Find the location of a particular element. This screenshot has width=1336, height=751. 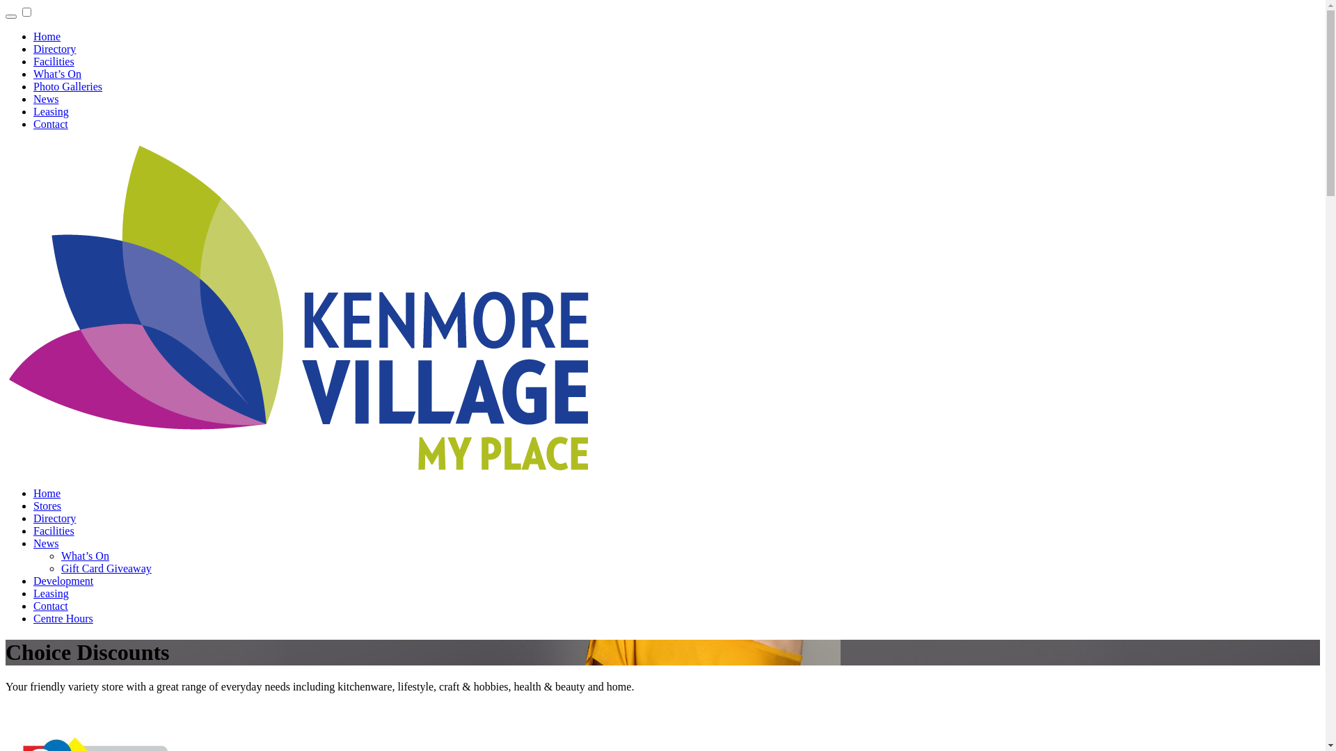

'Photo Galleries' is located at coordinates (67, 86).